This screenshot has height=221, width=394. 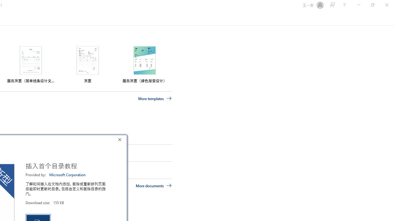 I want to click on 'Microsoft Corporation', so click(x=68, y=175).